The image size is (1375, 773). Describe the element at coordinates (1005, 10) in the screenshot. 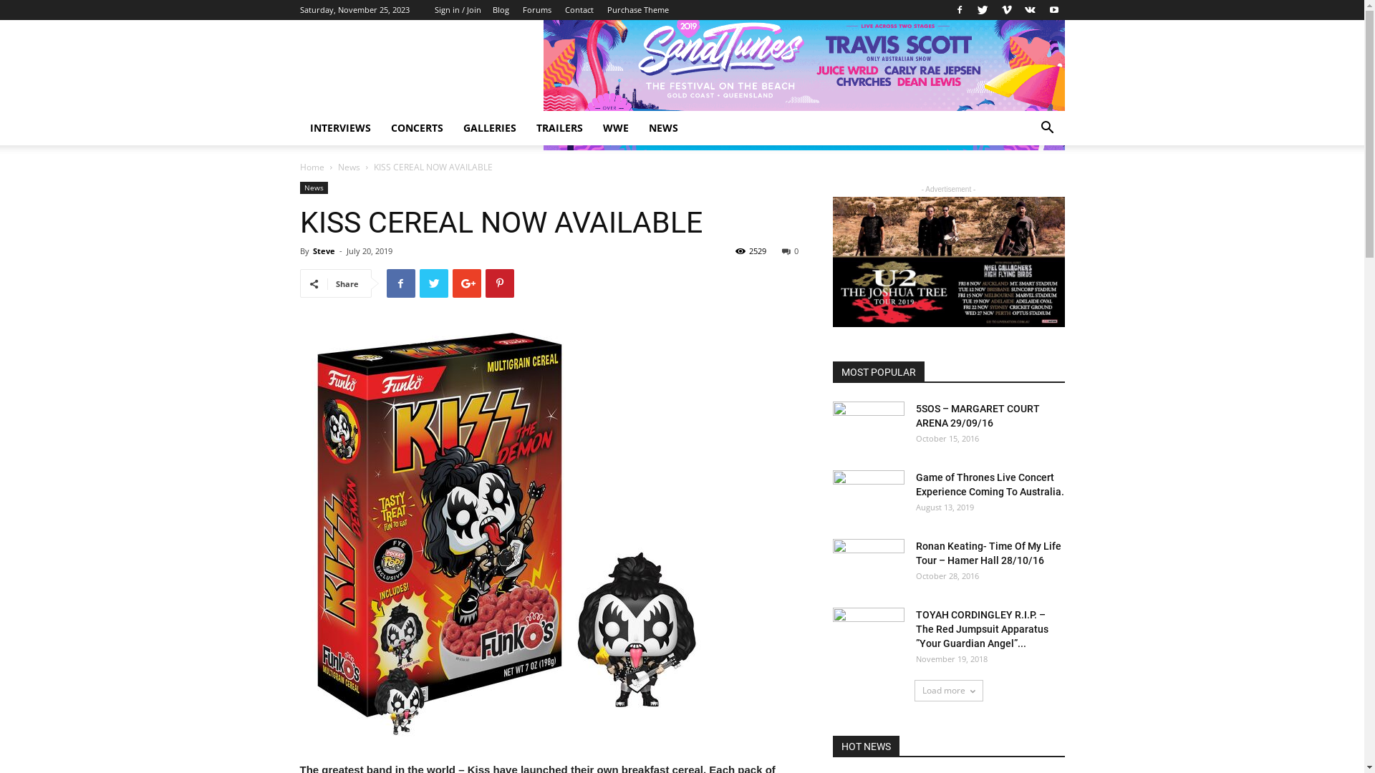

I see `'Vimeo'` at that location.